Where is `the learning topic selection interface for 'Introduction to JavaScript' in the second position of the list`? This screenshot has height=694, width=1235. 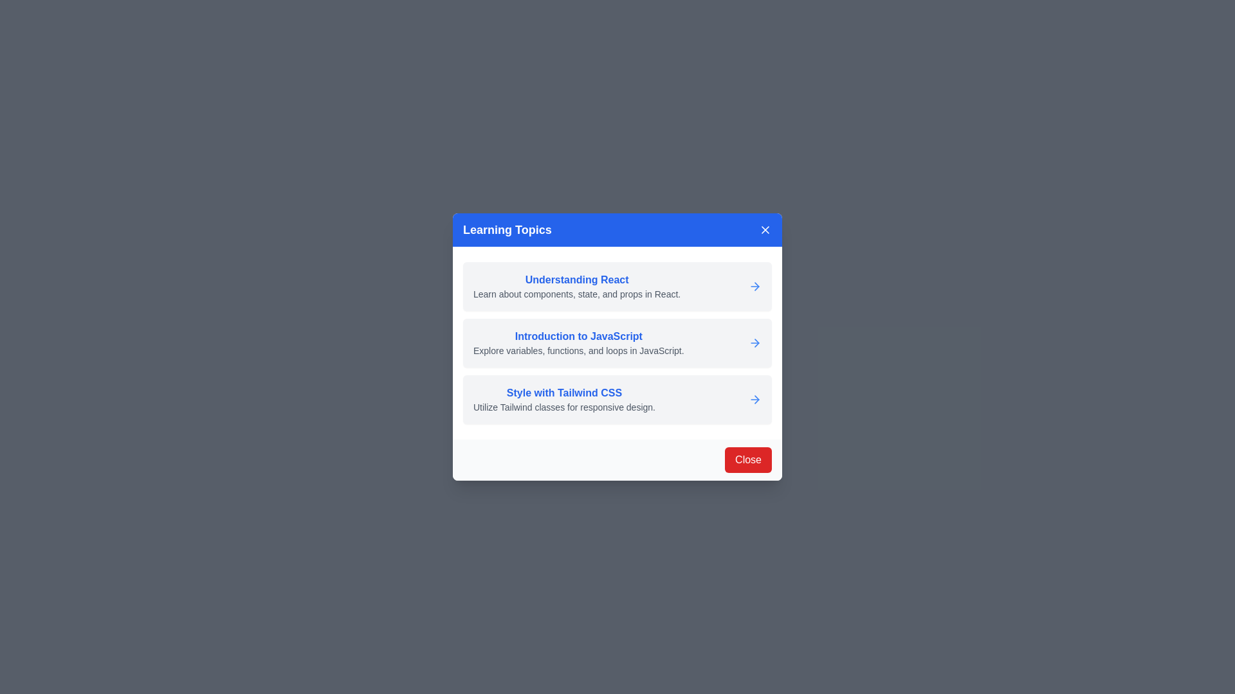 the learning topic selection interface for 'Introduction to JavaScript' in the second position of the list is located at coordinates (617, 342).